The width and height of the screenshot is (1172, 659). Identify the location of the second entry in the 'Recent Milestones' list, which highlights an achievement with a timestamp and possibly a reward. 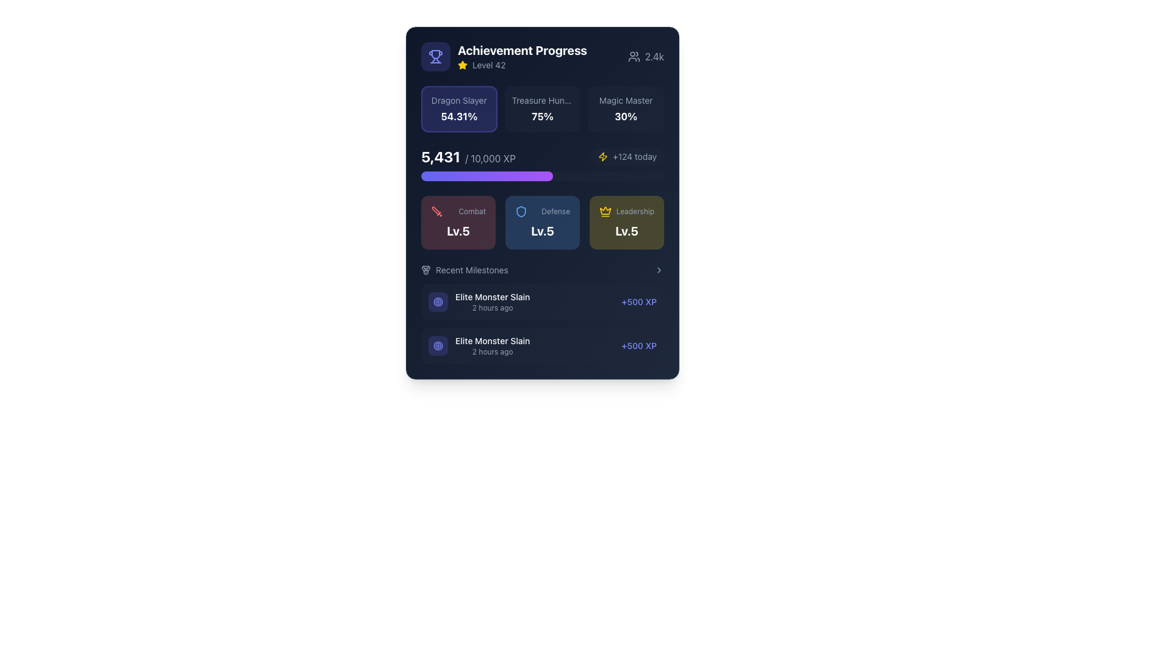
(479, 346).